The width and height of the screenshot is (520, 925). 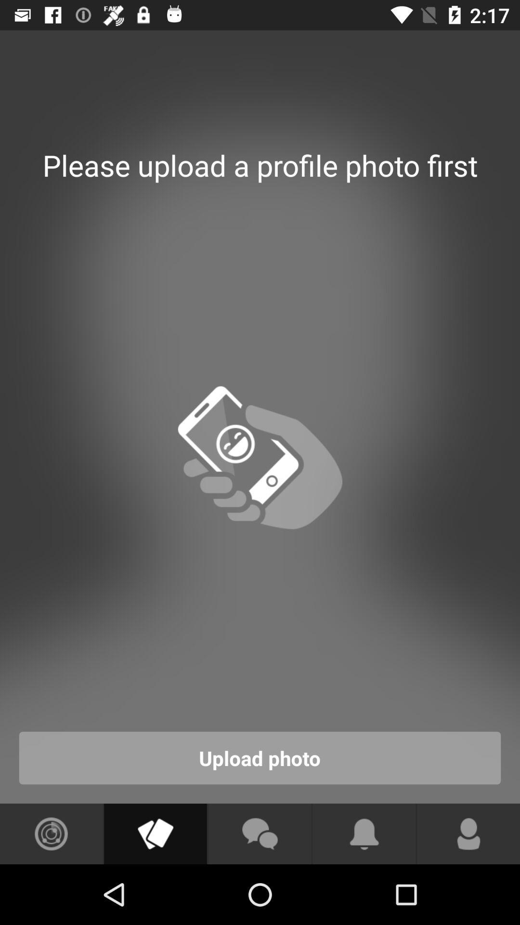 What do you see at coordinates (155, 833) in the screenshot?
I see `the volume icon` at bounding box center [155, 833].